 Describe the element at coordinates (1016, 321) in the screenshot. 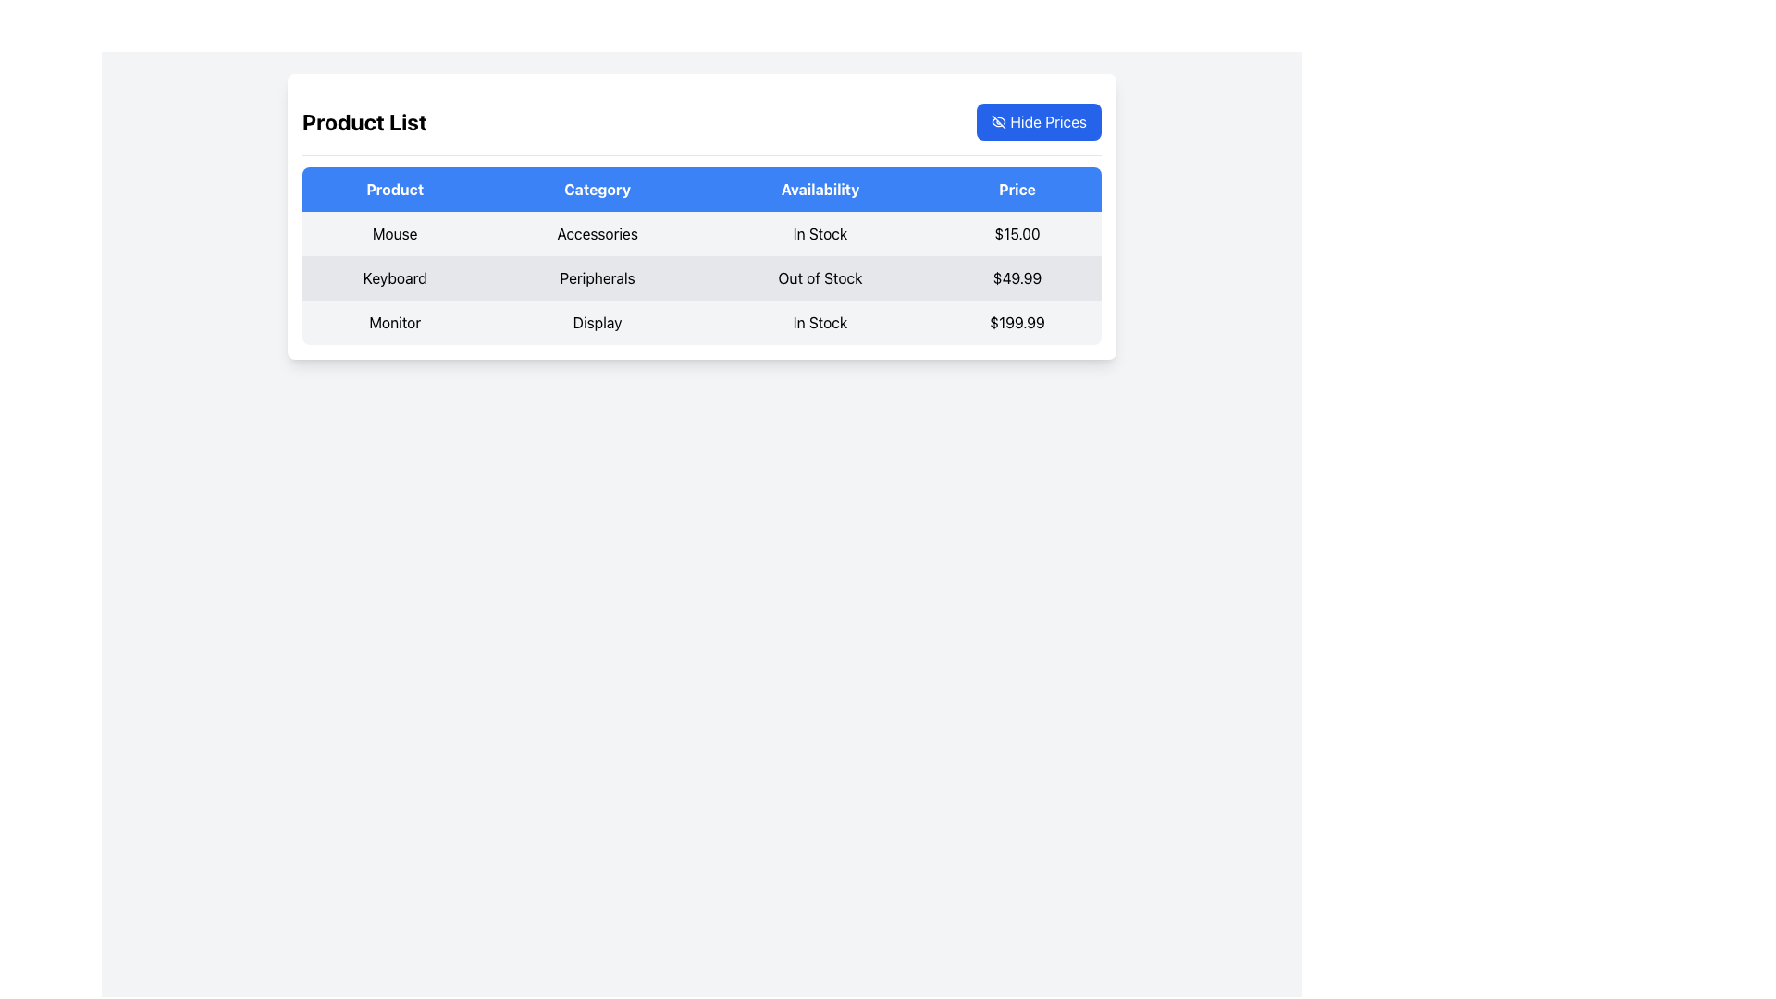

I see `static text element representing the price of the item 'Monitor' located in the last column of the third row under the 'Price' header, which displays '$15.00'` at that location.